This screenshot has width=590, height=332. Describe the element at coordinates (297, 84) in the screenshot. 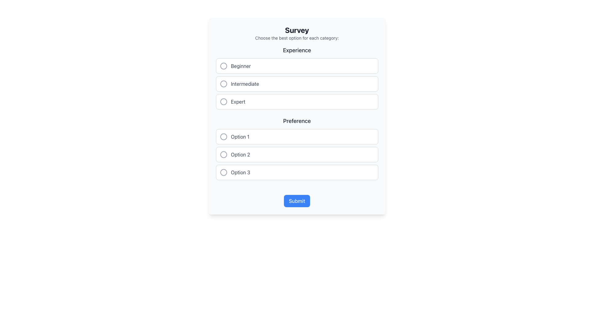

I see `the 'Intermediate' radio button option in the Experience group` at that location.